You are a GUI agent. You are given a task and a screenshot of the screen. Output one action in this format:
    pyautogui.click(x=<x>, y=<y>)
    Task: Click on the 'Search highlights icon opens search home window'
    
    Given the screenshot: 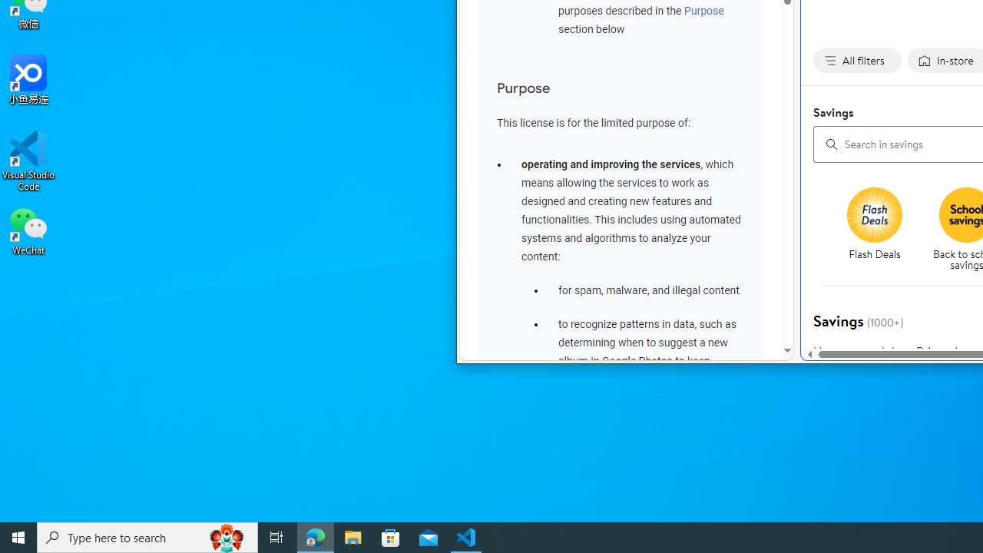 What is the action you would take?
    pyautogui.click(x=226, y=536)
    